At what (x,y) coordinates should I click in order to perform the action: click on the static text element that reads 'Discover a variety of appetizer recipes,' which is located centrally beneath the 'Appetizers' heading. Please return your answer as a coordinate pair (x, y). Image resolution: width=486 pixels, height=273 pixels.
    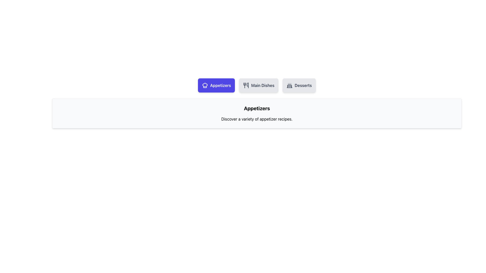
    Looking at the image, I should click on (257, 119).